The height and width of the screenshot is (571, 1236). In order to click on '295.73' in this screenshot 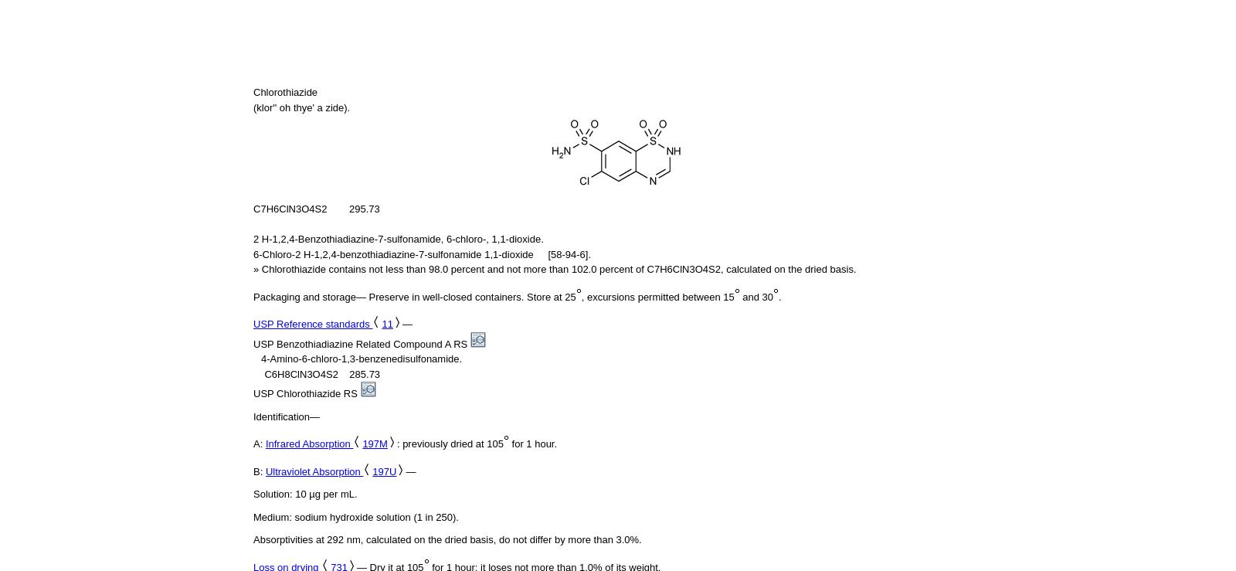, I will do `click(363, 208)`.